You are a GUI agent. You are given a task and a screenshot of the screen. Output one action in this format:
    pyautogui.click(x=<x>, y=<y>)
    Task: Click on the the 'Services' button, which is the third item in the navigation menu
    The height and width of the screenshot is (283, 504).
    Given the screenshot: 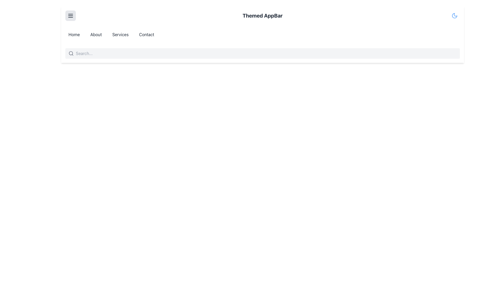 What is the action you would take?
    pyautogui.click(x=120, y=34)
    